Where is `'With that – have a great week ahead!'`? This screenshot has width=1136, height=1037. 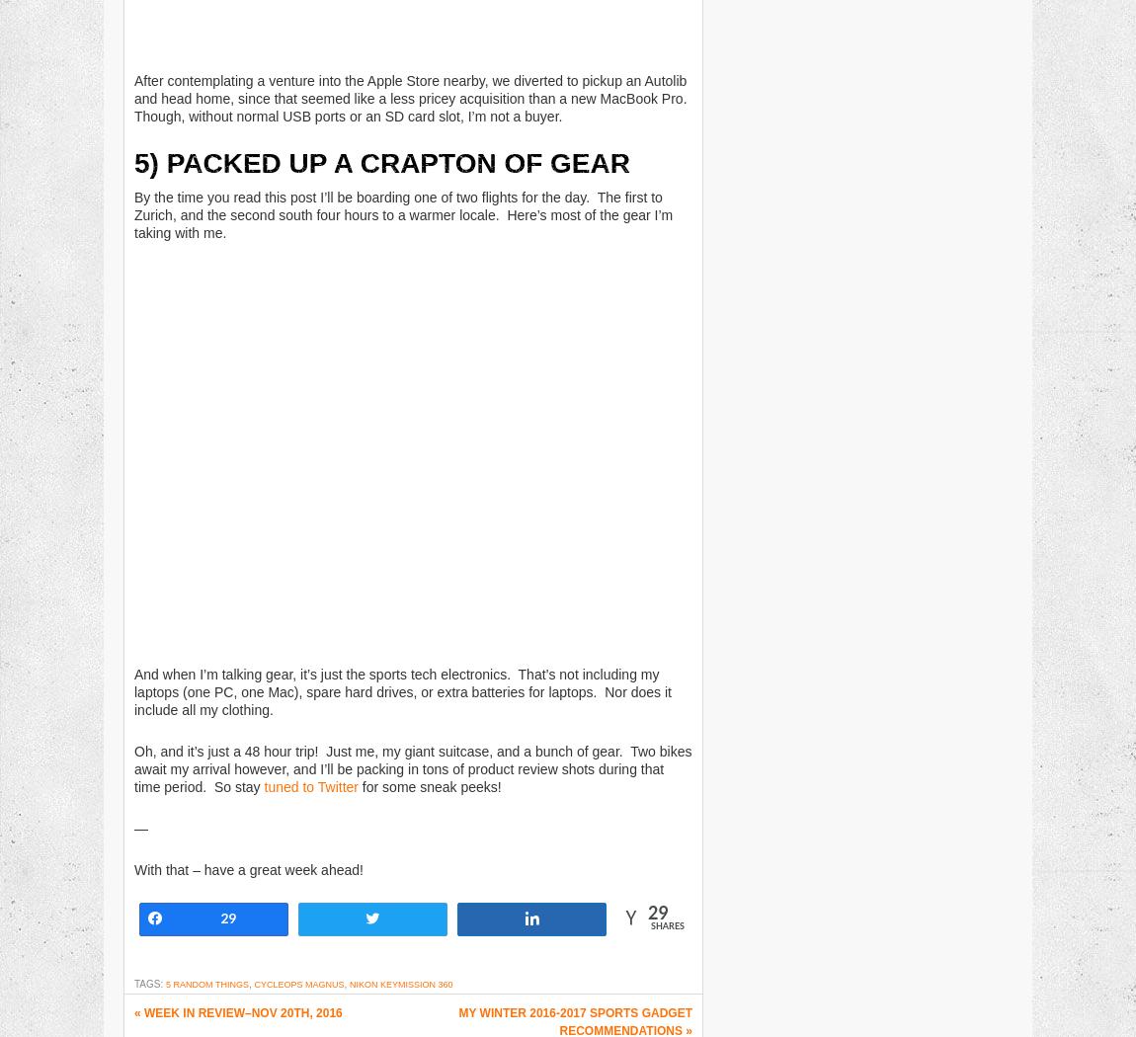 'With that – have a great week ahead!' is located at coordinates (133, 868).